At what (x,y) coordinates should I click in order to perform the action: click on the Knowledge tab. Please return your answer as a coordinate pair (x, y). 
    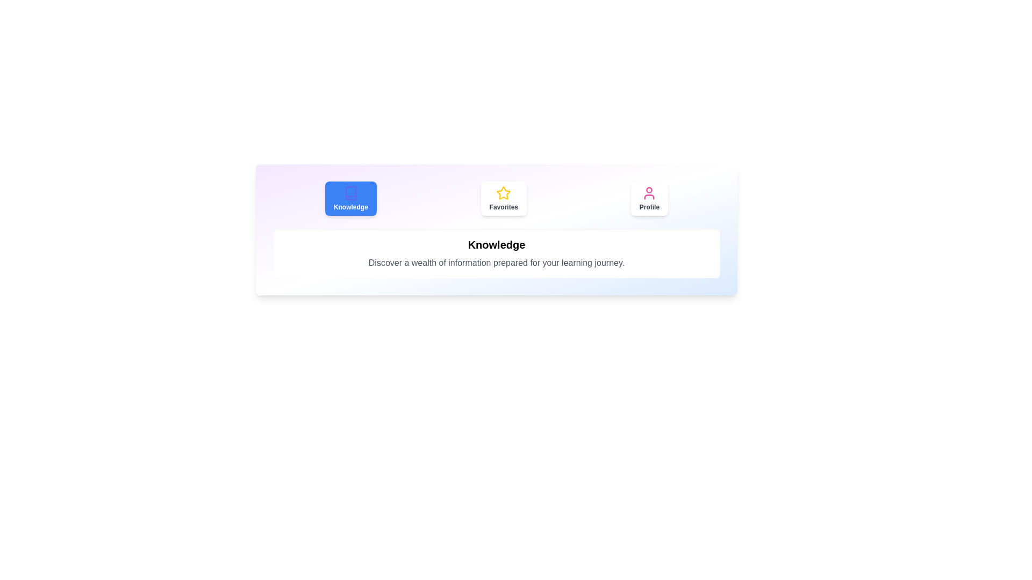
    Looking at the image, I should click on (350, 199).